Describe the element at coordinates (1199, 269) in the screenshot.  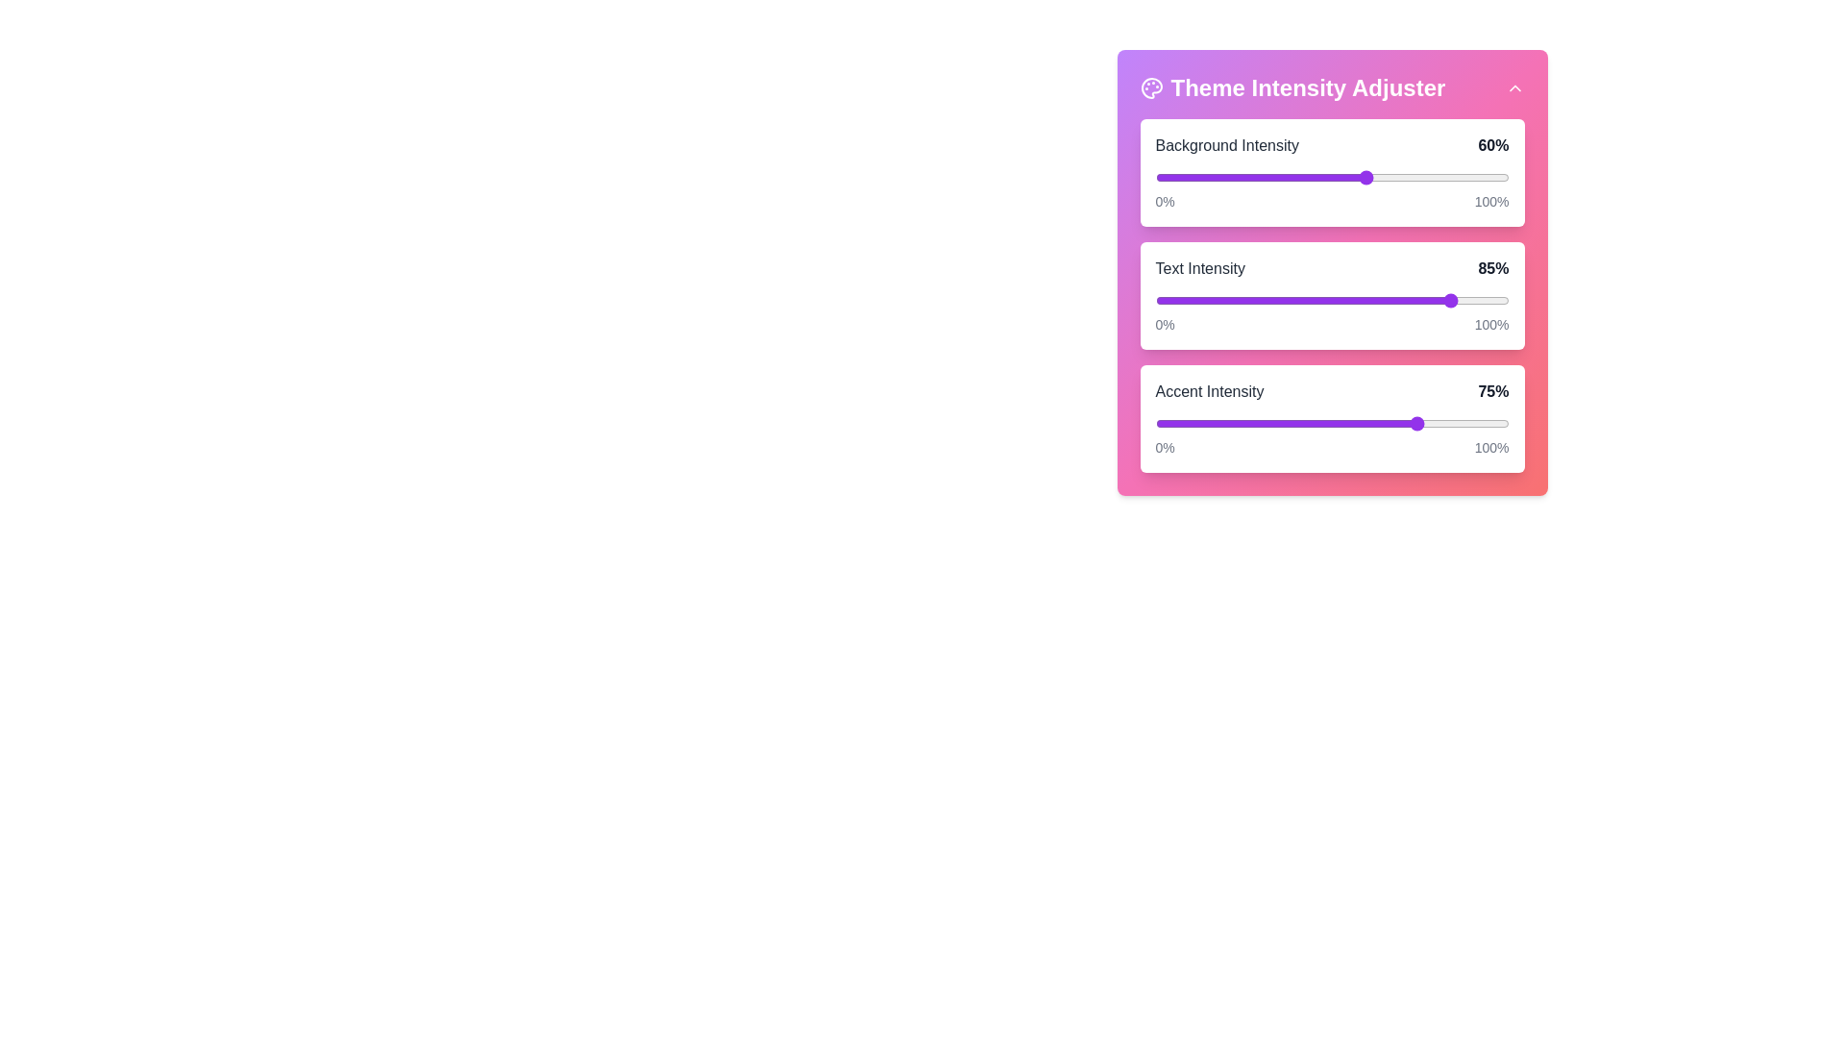
I see `the intensity label that indicates the adjustment of text elements in the 'Theme Intensity Adjuster' card, located on the left side of the card` at that location.